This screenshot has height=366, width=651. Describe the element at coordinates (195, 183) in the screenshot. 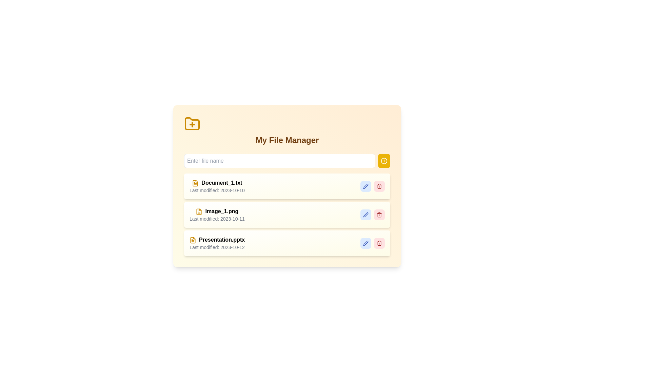

I see `the yellow document icon representing 'Document_1.txt', which is the first element in the file manager interface` at that location.